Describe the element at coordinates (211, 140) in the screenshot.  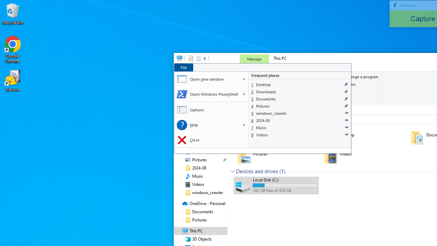
I see `'Close'` at that location.